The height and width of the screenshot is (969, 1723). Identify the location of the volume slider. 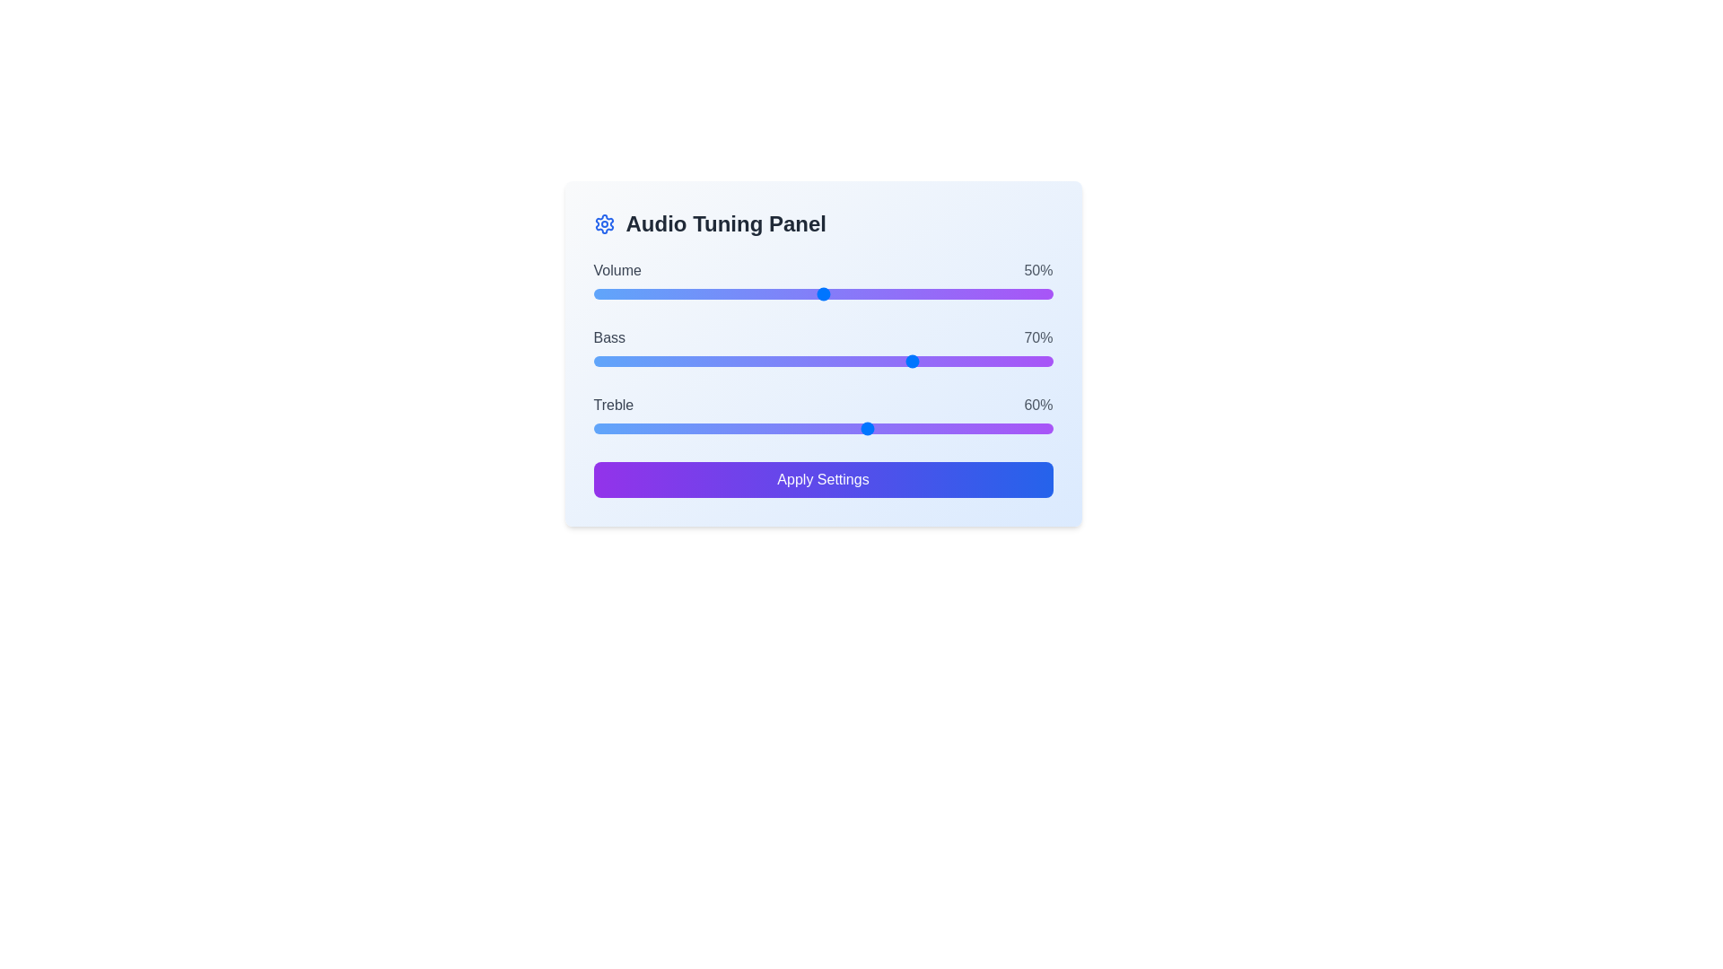
(754, 292).